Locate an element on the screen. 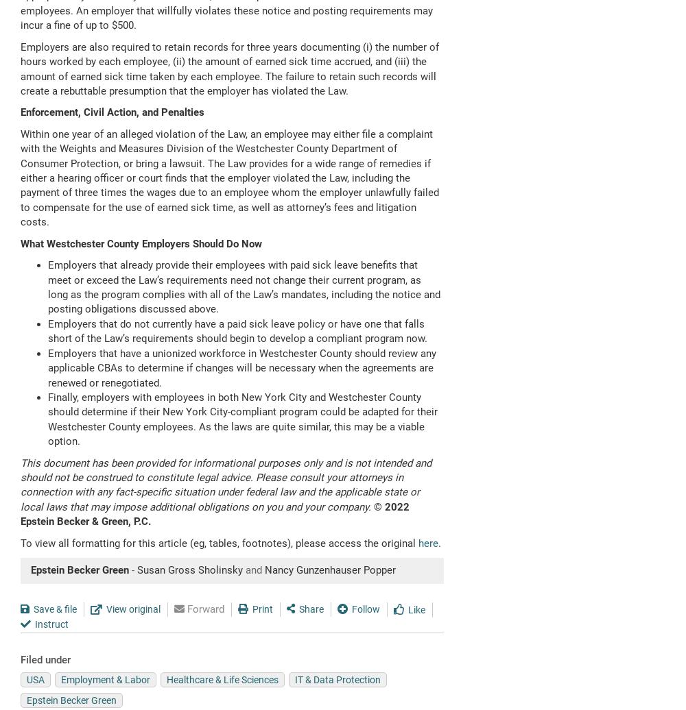  'Follow' is located at coordinates (366, 608).